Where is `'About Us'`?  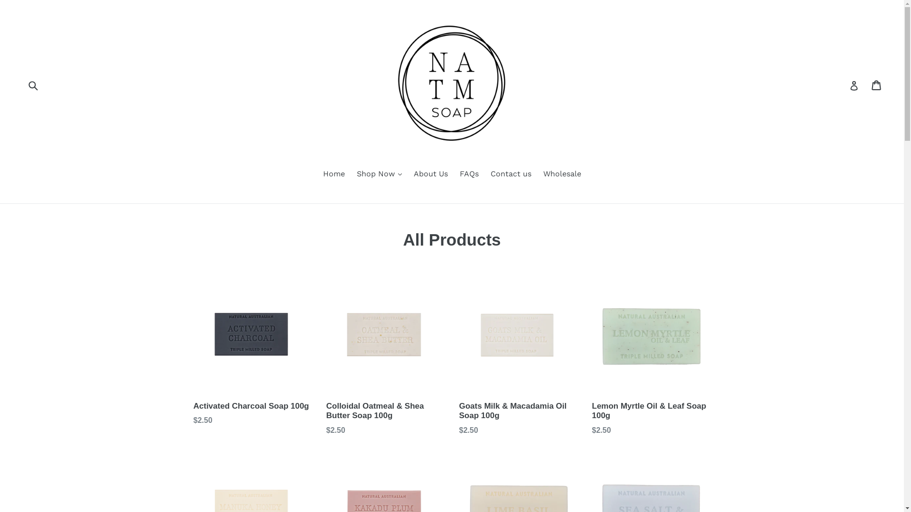
'About Us' is located at coordinates (430, 174).